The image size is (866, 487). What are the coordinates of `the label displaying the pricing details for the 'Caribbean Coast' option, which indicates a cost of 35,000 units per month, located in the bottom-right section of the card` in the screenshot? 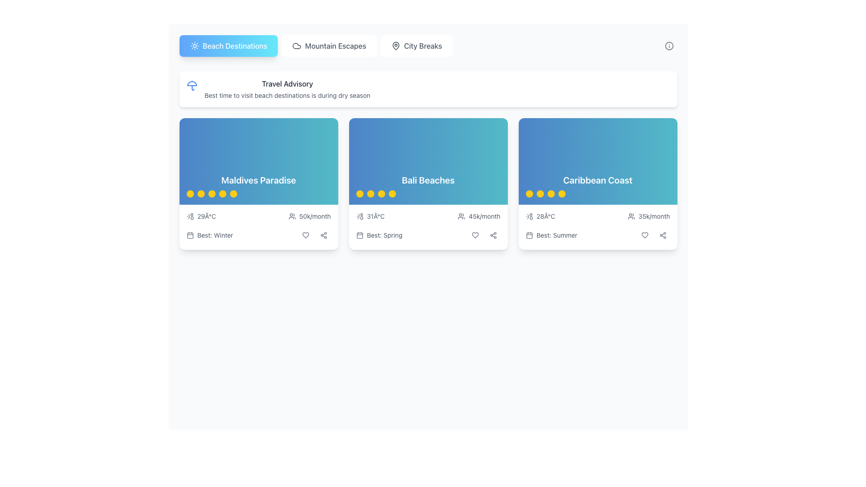 It's located at (648, 216).